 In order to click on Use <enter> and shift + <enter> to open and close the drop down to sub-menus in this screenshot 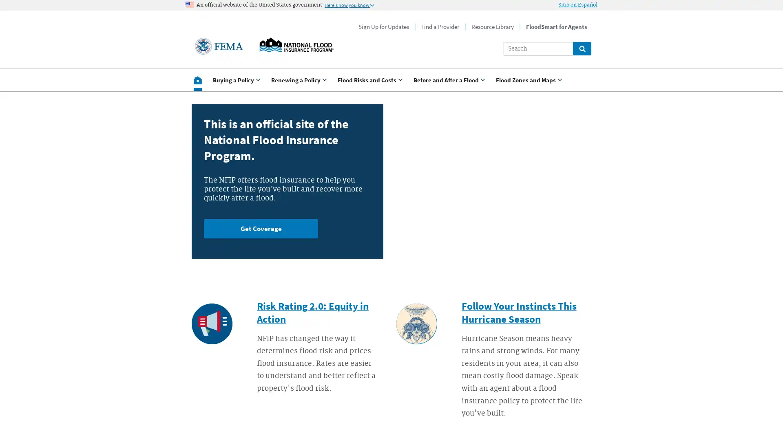, I will do `click(237, 79)`.